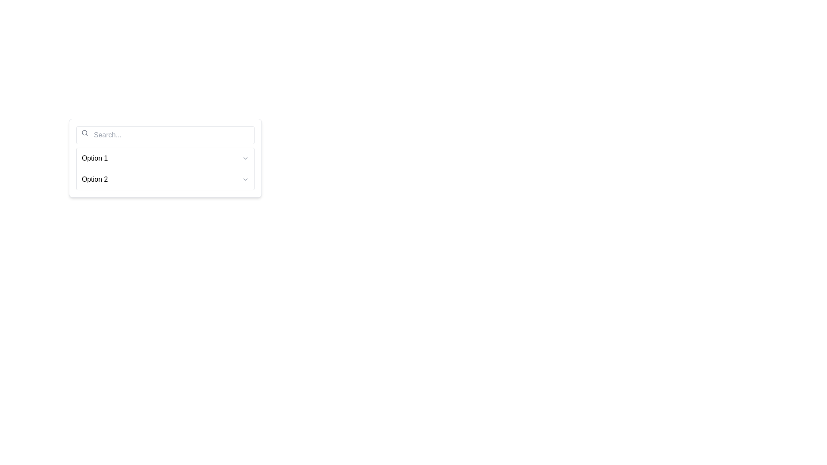 The height and width of the screenshot is (465, 827). Describe the element at coordinates (84, 133) in the screenshot. I see `the magnifying glass icon, which is styled in gray and positioned inside the search bar to the left of the 'Search...' text input field` at that location.